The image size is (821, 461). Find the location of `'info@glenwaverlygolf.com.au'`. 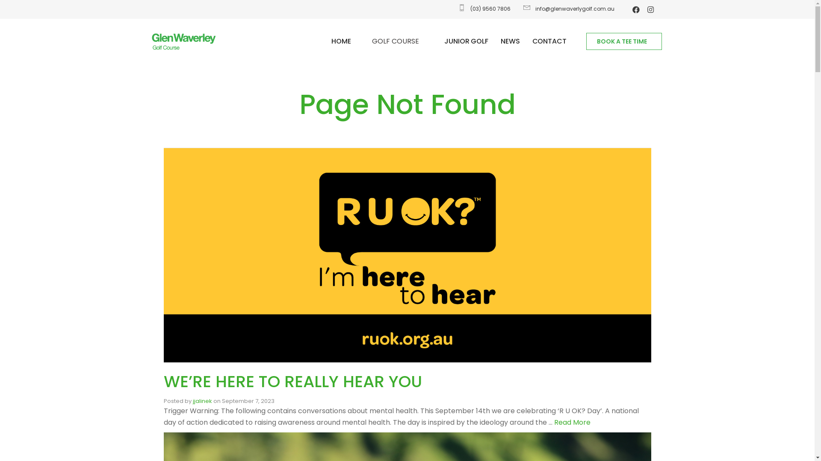

'info@glenwaverlygolf.com.au' is located at coordinates (568, 9).